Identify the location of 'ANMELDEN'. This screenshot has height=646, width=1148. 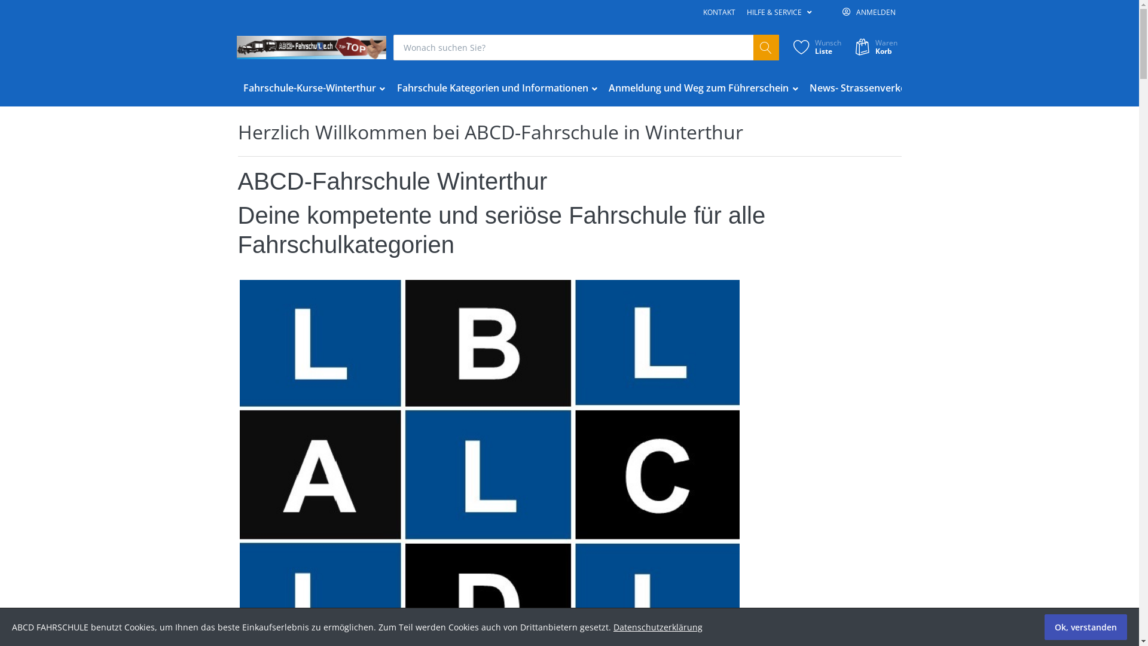
(869, 12).